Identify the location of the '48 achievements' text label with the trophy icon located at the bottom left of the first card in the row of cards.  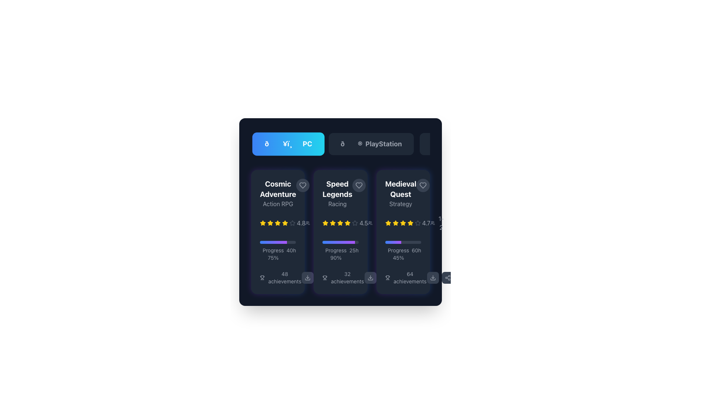
(280, 278).